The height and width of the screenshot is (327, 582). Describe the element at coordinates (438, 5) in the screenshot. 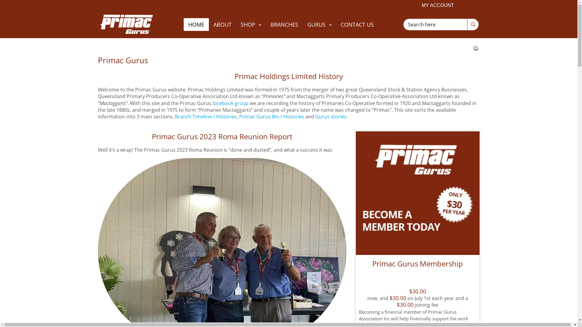

I see `'MY ACCOUNT'` at that location.